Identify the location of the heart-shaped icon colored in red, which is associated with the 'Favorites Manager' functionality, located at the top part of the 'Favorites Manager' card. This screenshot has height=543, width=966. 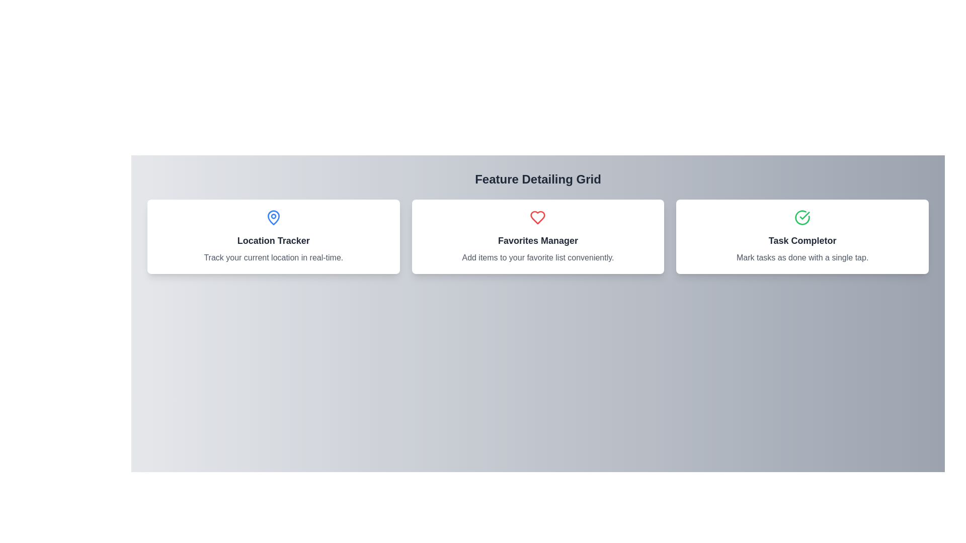
(537, 217).